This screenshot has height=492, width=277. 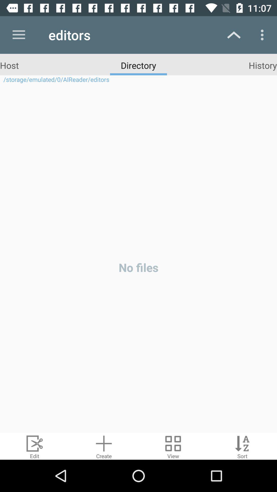 What do you see at coordinates (263, 65) in the screenshot?
I see `the item next to the directory app` at bounding box center [263, 65].